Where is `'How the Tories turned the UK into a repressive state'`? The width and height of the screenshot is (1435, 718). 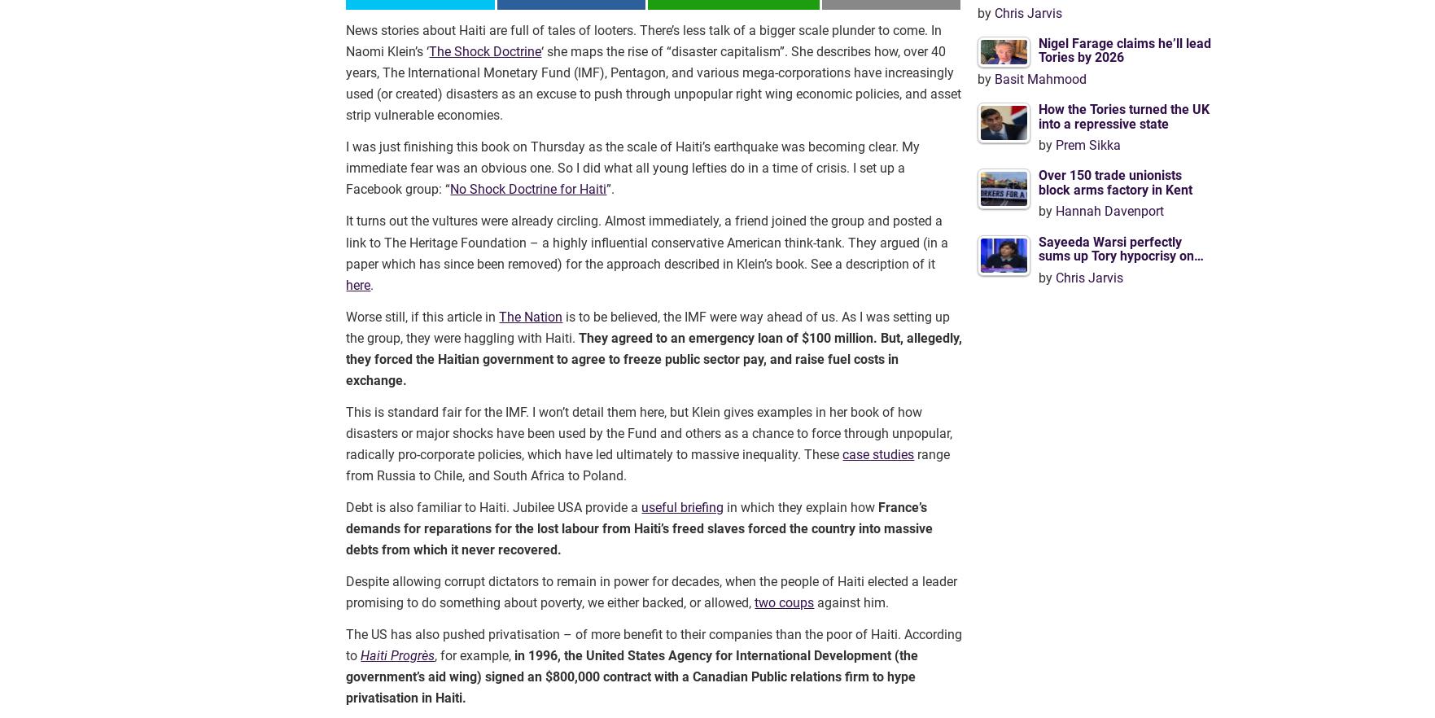 'How the Tories turned the UK into a repressive state' is located at coordinates (1122, 116).